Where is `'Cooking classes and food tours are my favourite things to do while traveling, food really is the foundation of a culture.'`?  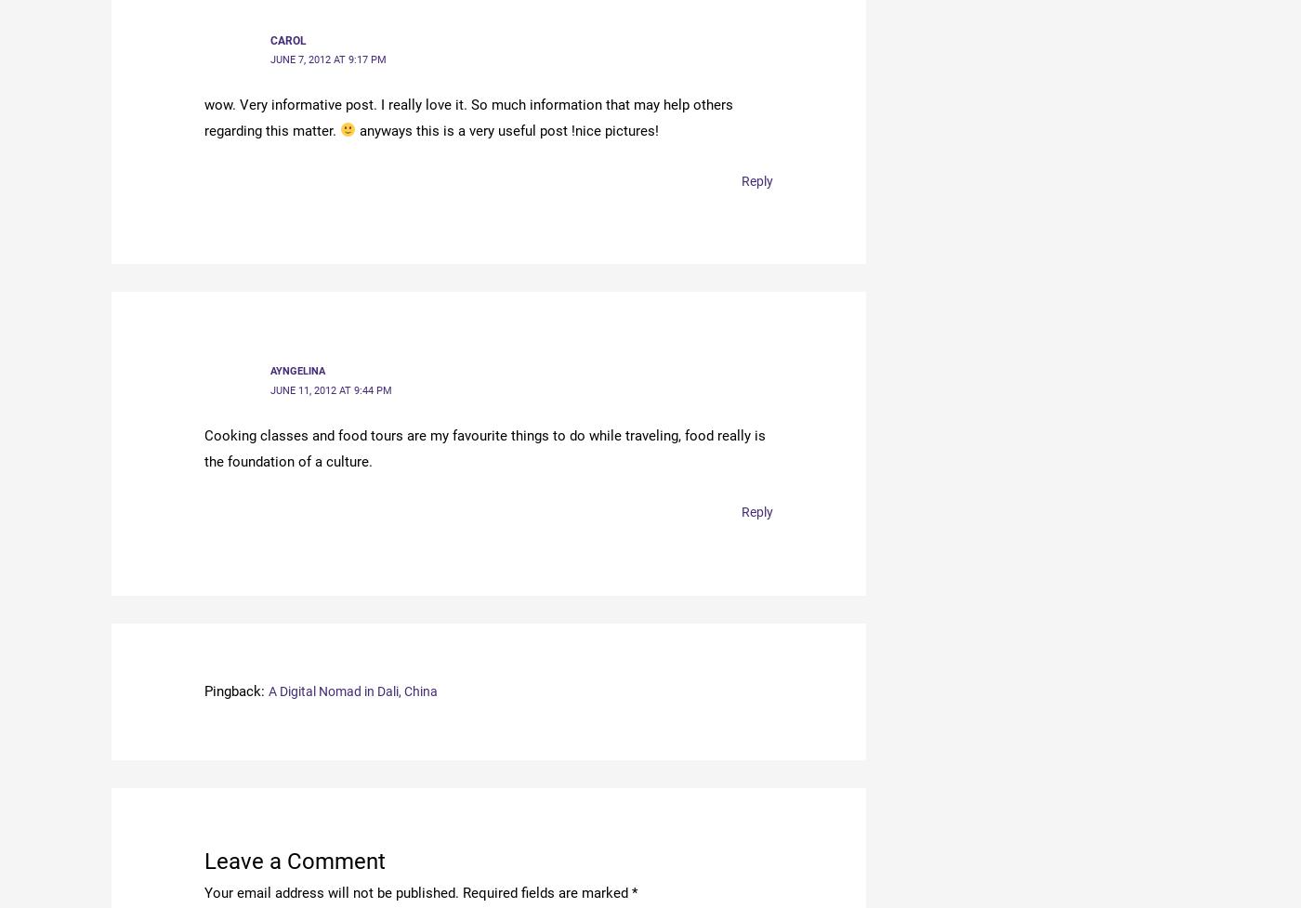
'Cooking classes and food tours are my favourite things to do while traveling, food really is the foundation of a culture.' is located at coordinates (485, 446).